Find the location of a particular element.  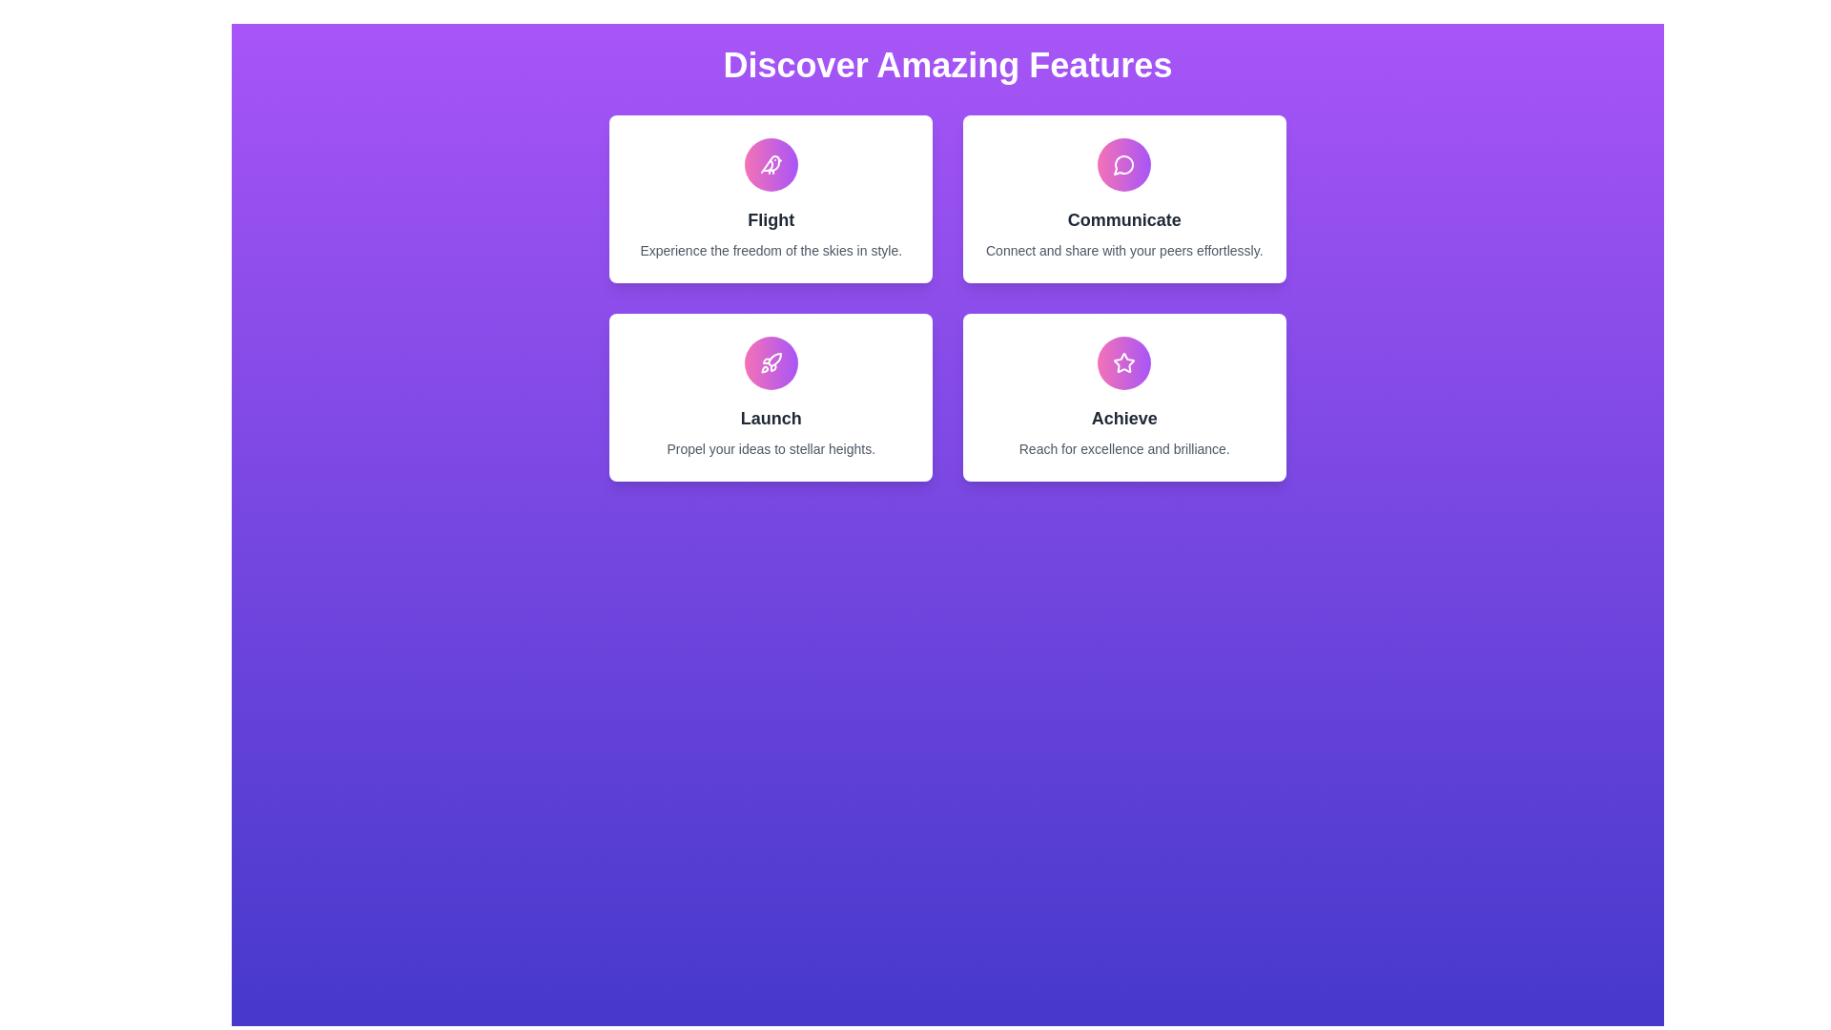

the card representing the module or feature that emphasizes achieving excellence, located in the bottom-right corner of a 2x2 grid structure, to the right of the 'Launch' element is located at coordinates (1124, 396).